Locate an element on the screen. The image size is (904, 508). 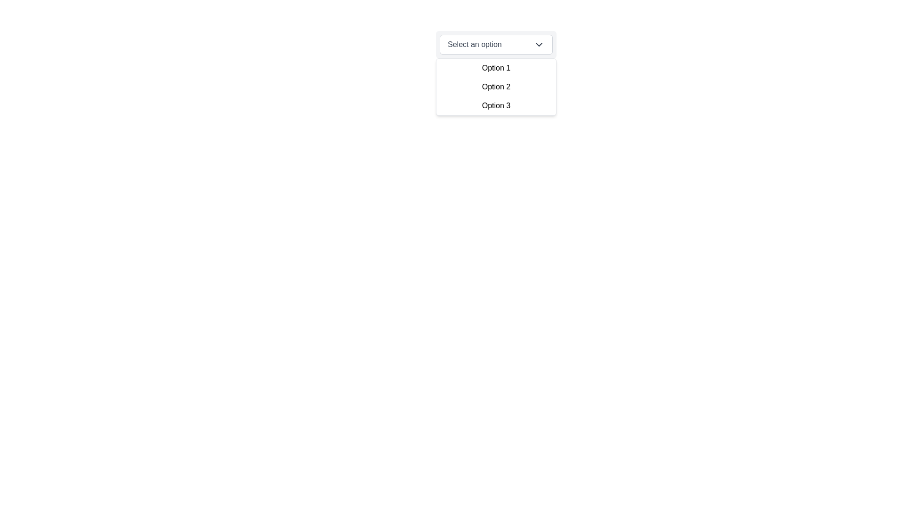
the first option in the dropdown menu is located at coordinates (496, 68).